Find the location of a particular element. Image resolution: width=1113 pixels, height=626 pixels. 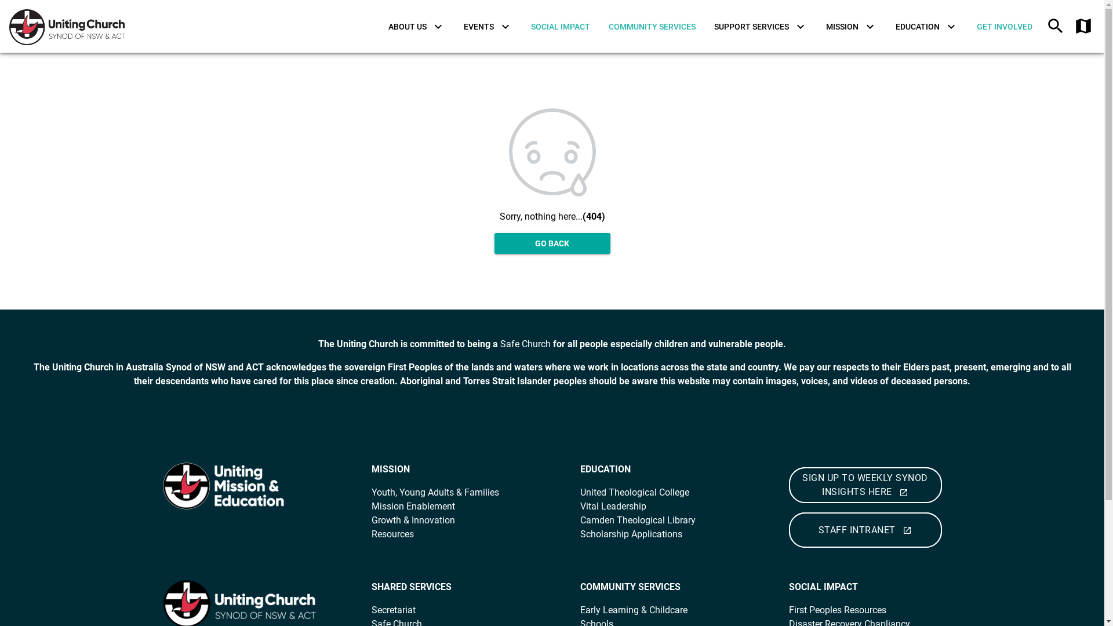

'ABOUT US is located at coordinates (379, 26).